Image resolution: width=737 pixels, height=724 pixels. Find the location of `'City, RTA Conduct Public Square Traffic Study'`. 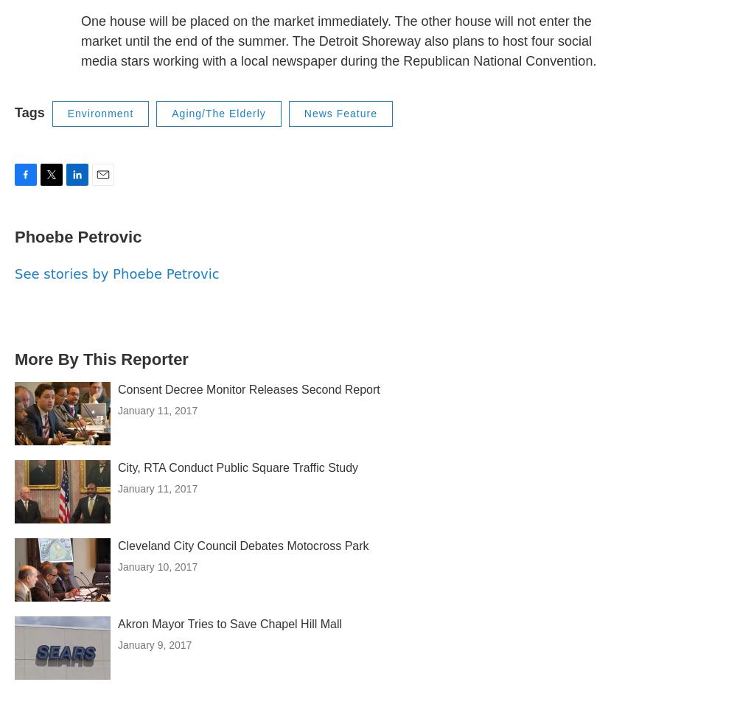

'City, RTA Conduct Public Square Traffic Study' is located at coordinates (237, 466).